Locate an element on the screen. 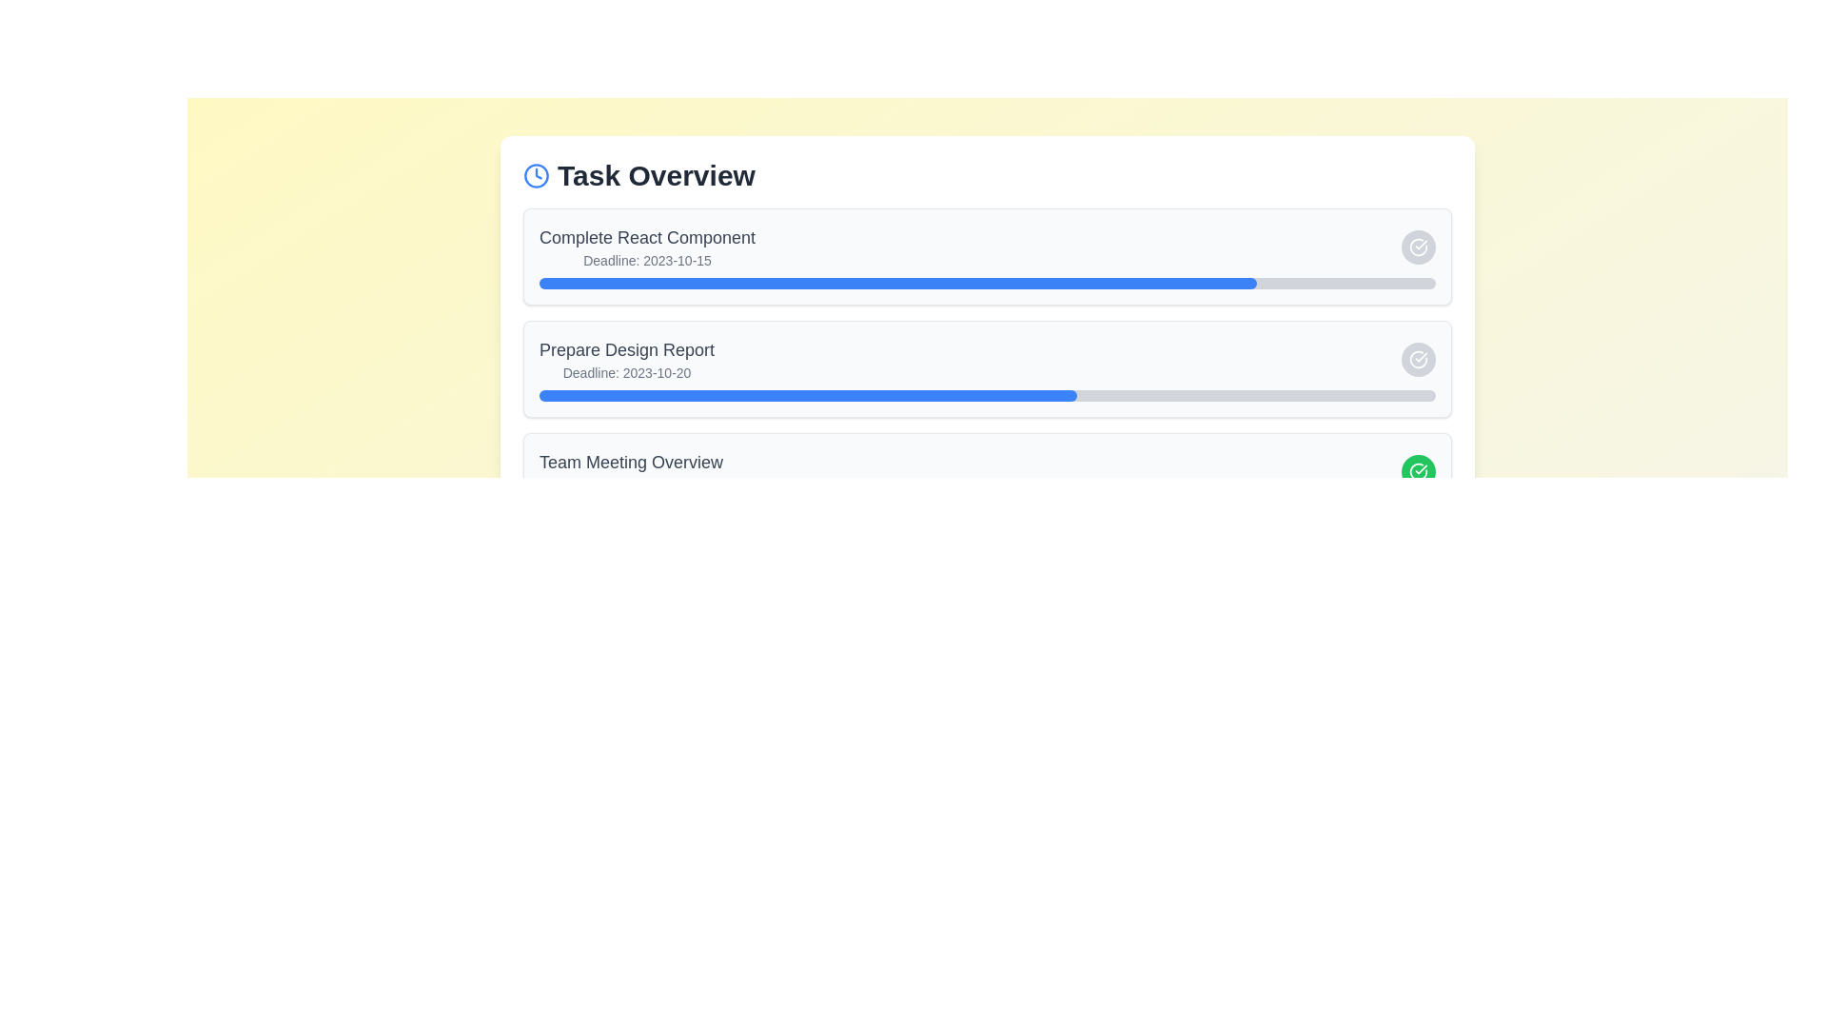 Image resolution: width=1827 pixels, height=1028 pixels. the 'Task Overview' text element, which serves as a title or heading for the task section, located to the right of a clock icon is located at coordinates (656, 176).